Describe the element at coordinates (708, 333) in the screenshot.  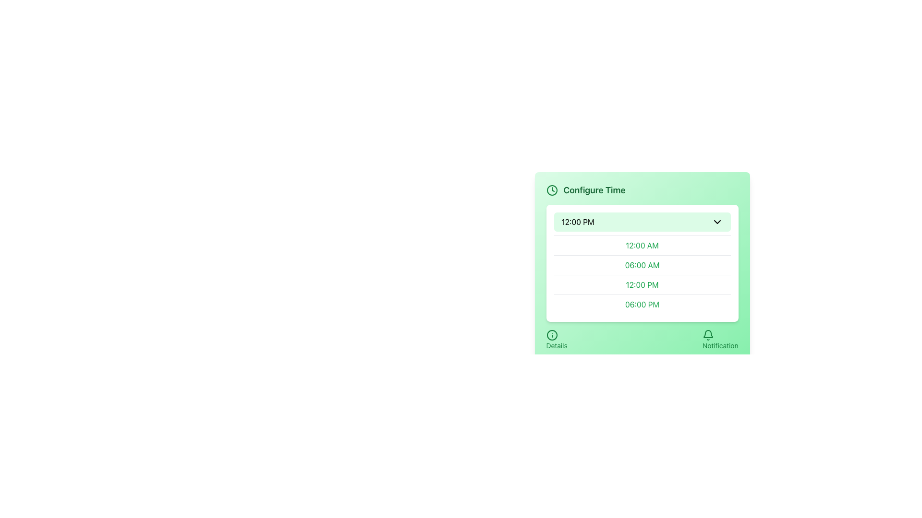
I see `the bell-shaped graphical icon located in the bottom-right corner of the interface, which is designed for notifications or alerts` at that location.